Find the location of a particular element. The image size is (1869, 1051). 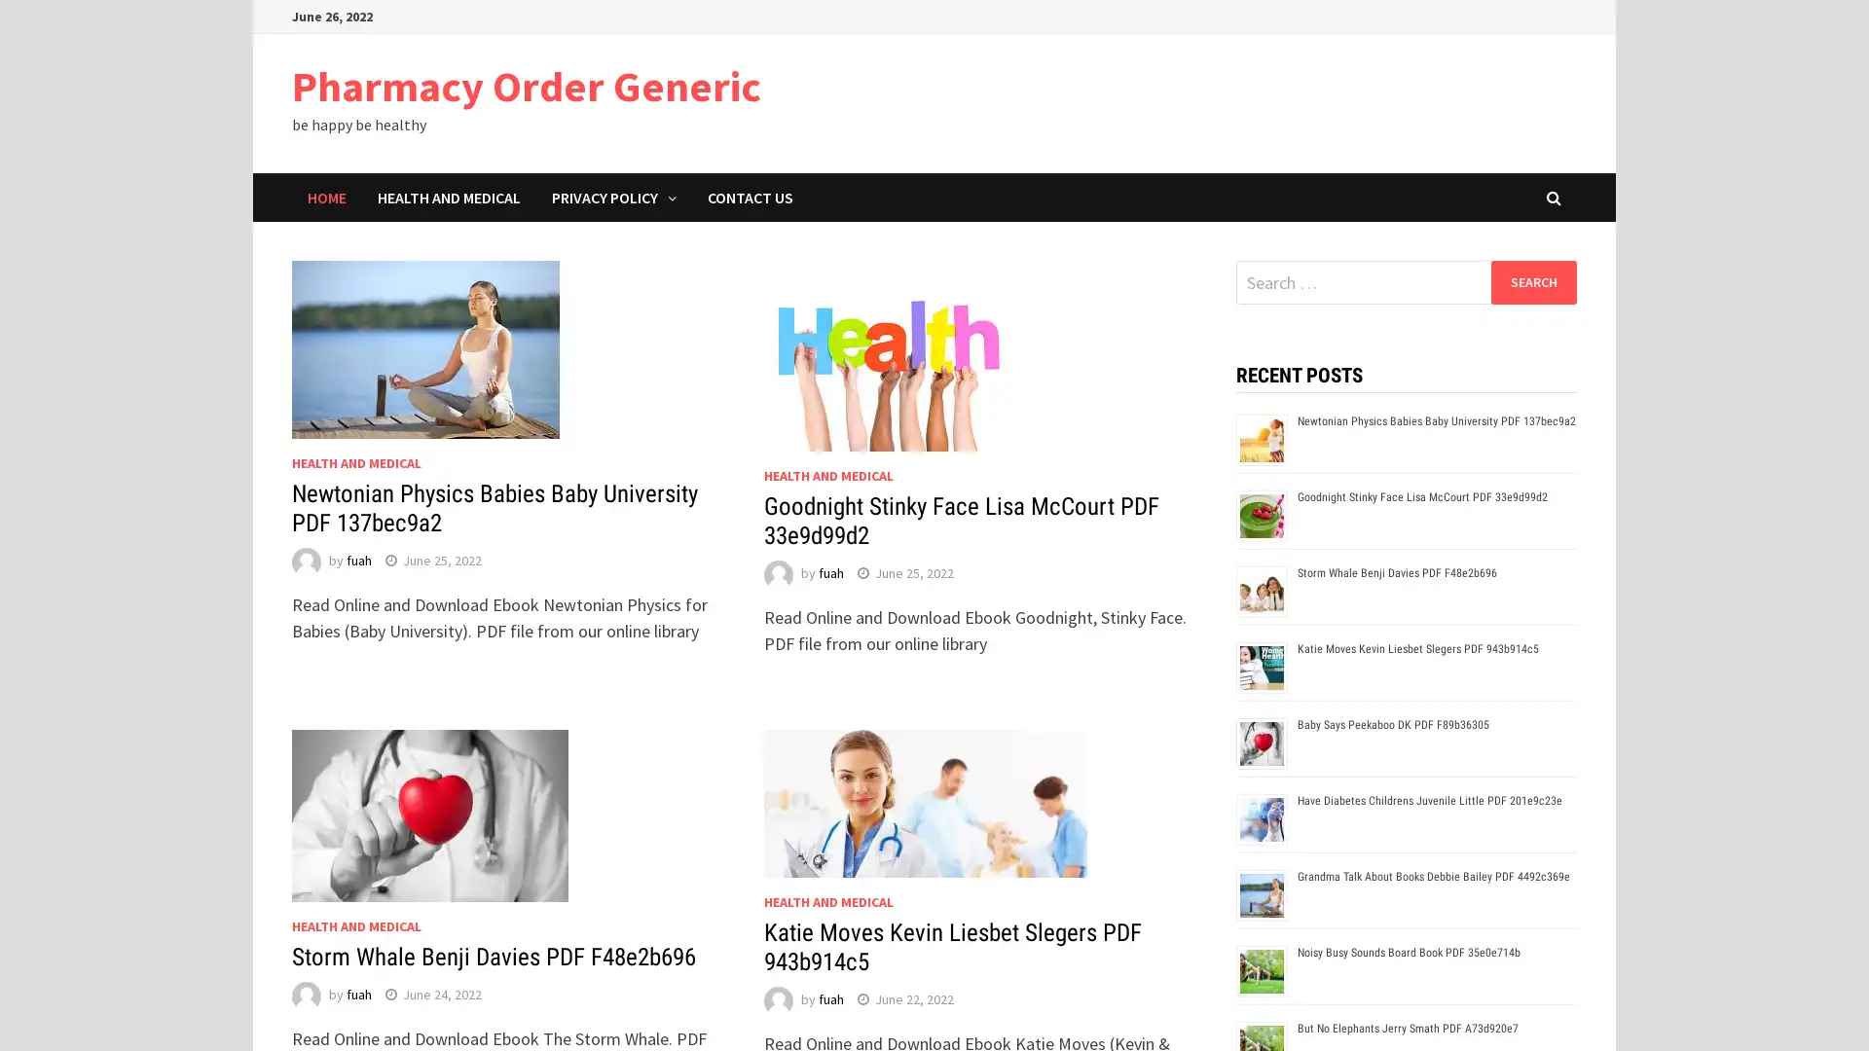

Search is located at coordinates (1532, 281).